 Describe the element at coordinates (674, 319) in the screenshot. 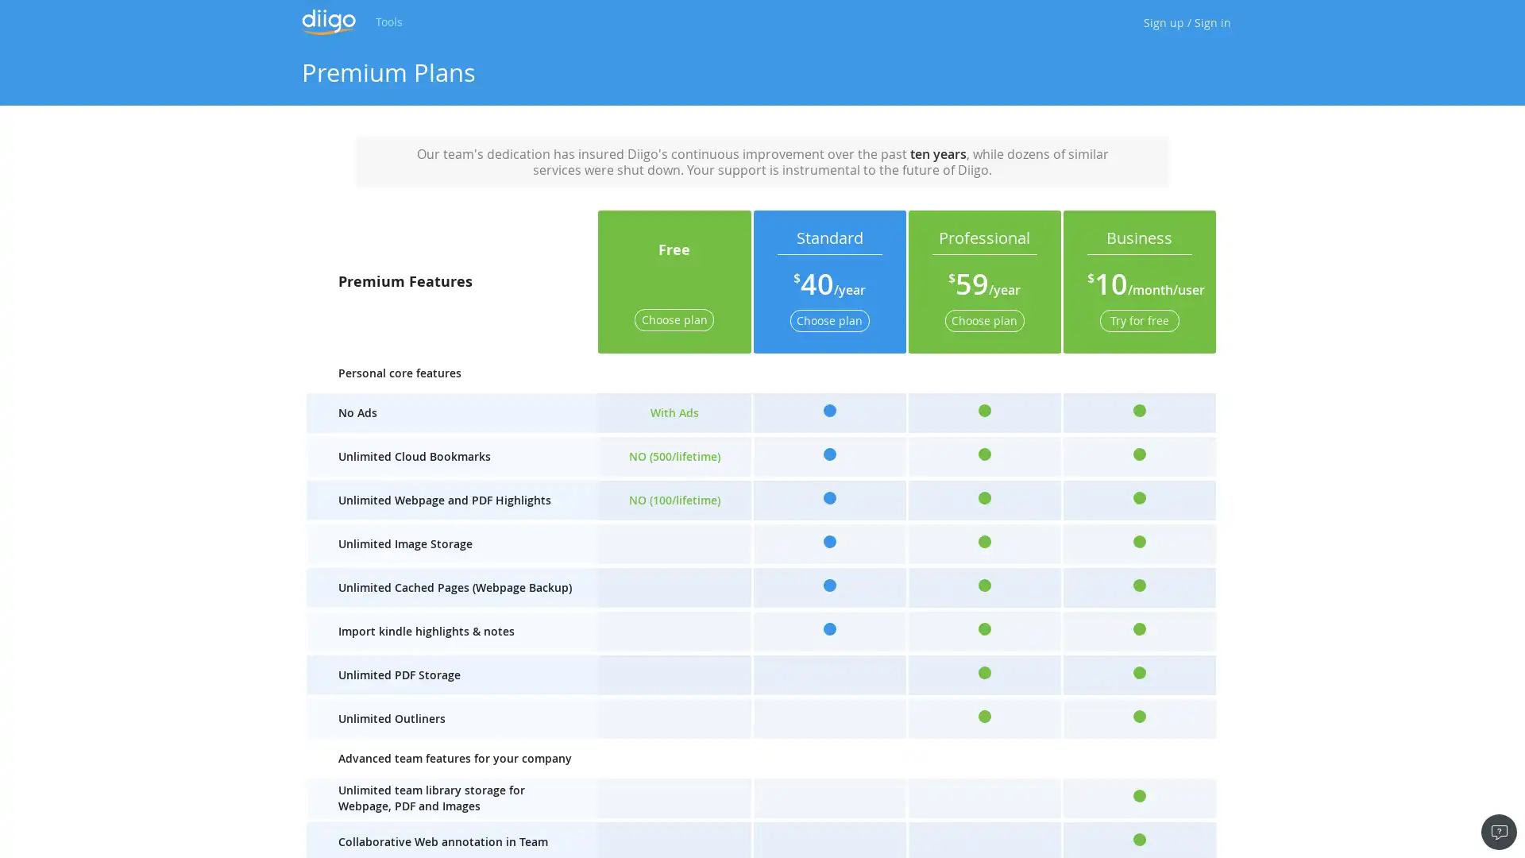

I see `Choose plan` at that location.